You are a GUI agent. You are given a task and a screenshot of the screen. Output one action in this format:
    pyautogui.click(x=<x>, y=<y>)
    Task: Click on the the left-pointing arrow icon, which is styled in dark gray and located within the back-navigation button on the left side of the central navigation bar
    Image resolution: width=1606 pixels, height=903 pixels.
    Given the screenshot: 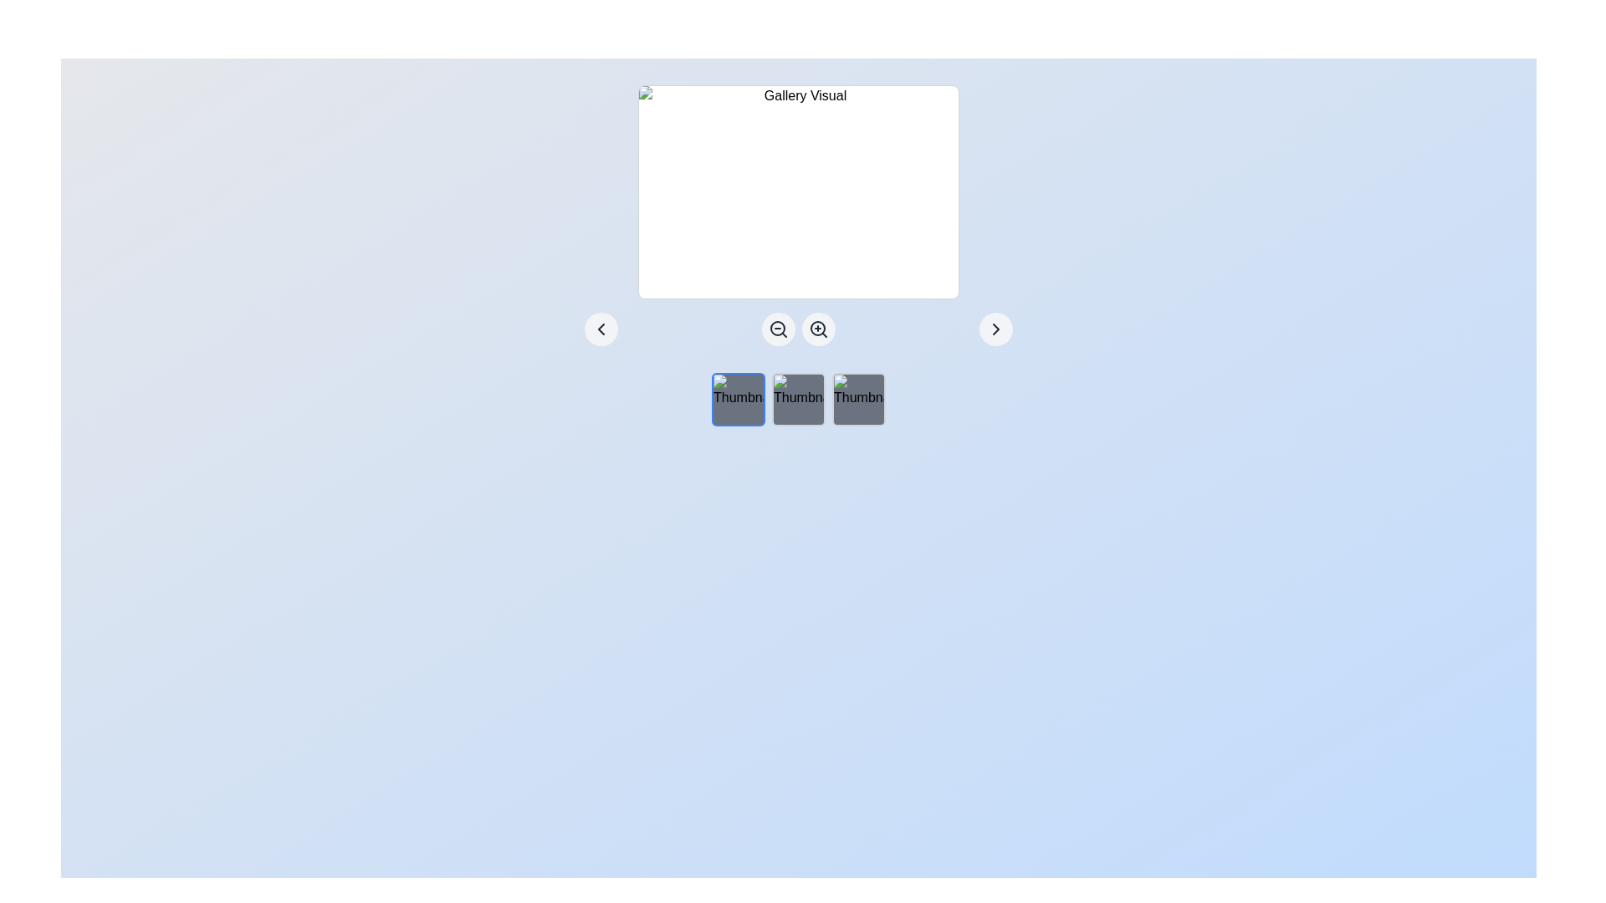 What is the action you would take?
    pyautogui.click(x=601, y=329)
    